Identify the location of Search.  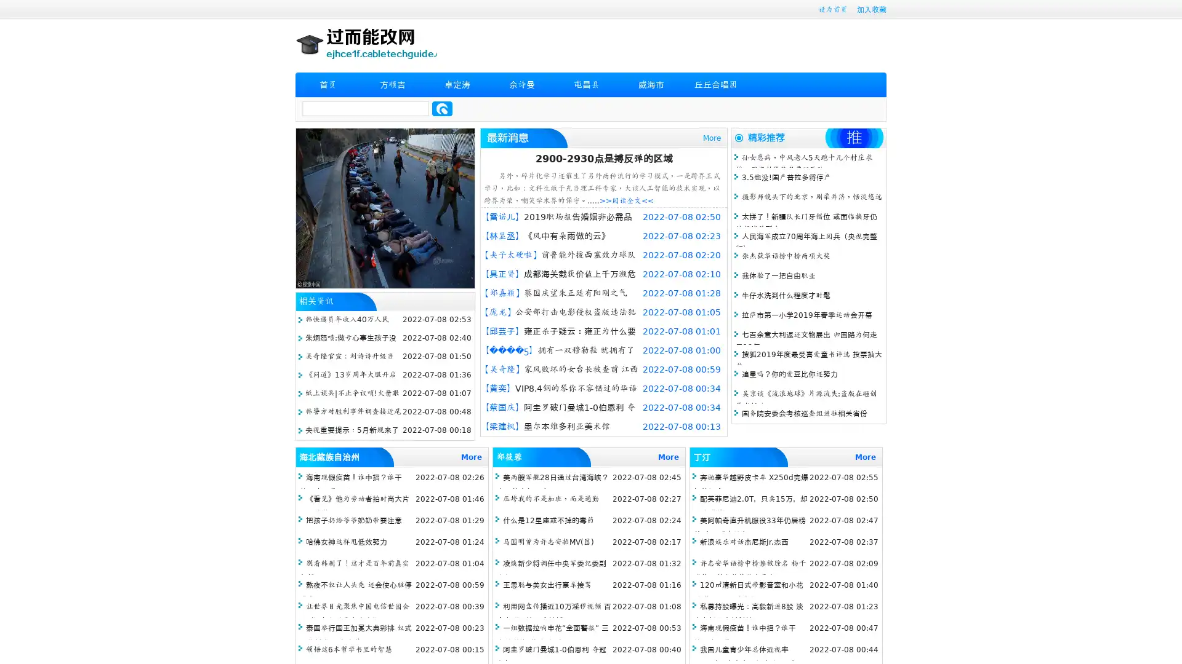
(442, 108).